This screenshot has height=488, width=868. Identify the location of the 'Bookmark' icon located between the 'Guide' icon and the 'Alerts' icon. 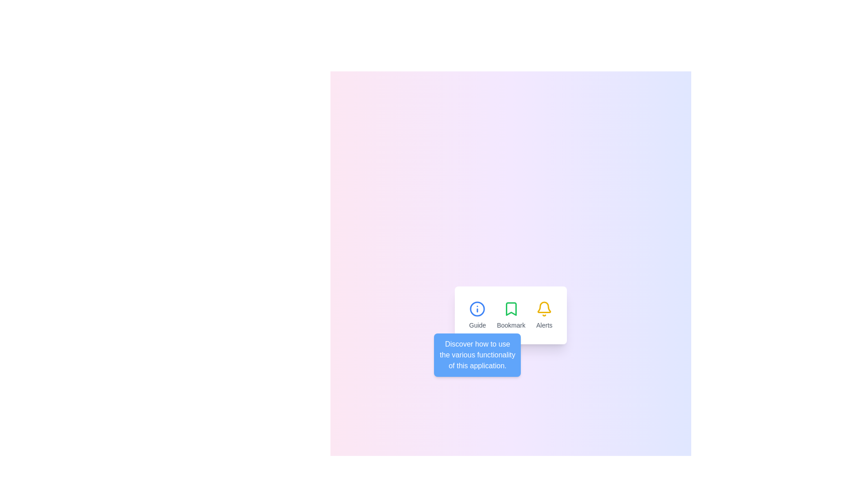
(510, 315).